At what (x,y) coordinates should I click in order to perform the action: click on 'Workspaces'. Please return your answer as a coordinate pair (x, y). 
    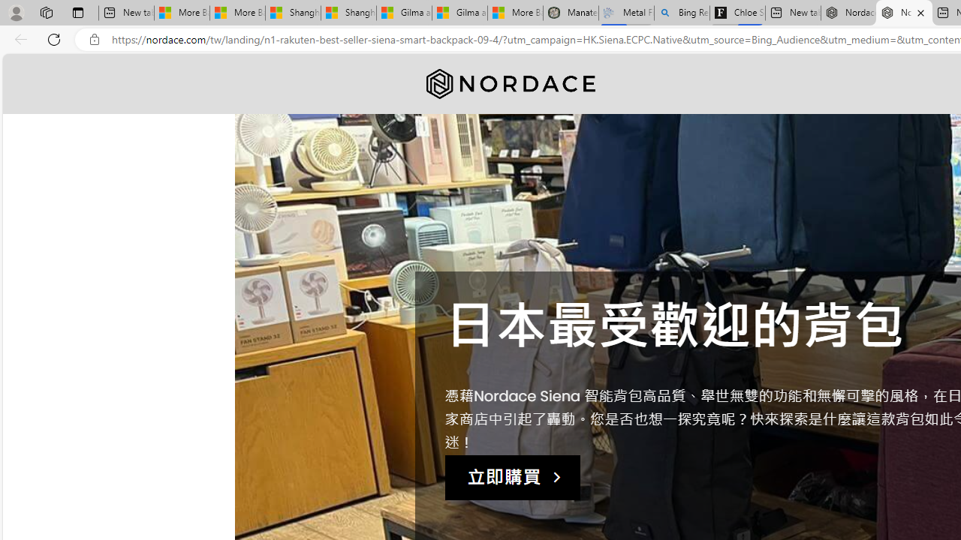
    Looking at the image, I should click on (46, 12).